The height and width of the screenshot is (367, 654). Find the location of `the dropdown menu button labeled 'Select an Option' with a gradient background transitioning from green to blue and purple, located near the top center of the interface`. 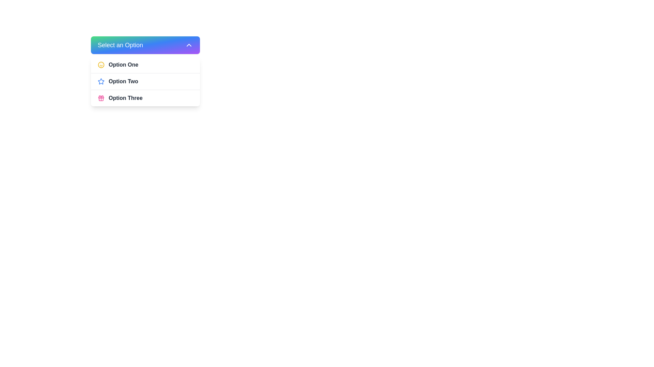

the dropdown menu button labeled 'Select an Option' with a gradient background transitioning from green to blue and purple, located near the top center of the interface is located at coordinates (145, 45).